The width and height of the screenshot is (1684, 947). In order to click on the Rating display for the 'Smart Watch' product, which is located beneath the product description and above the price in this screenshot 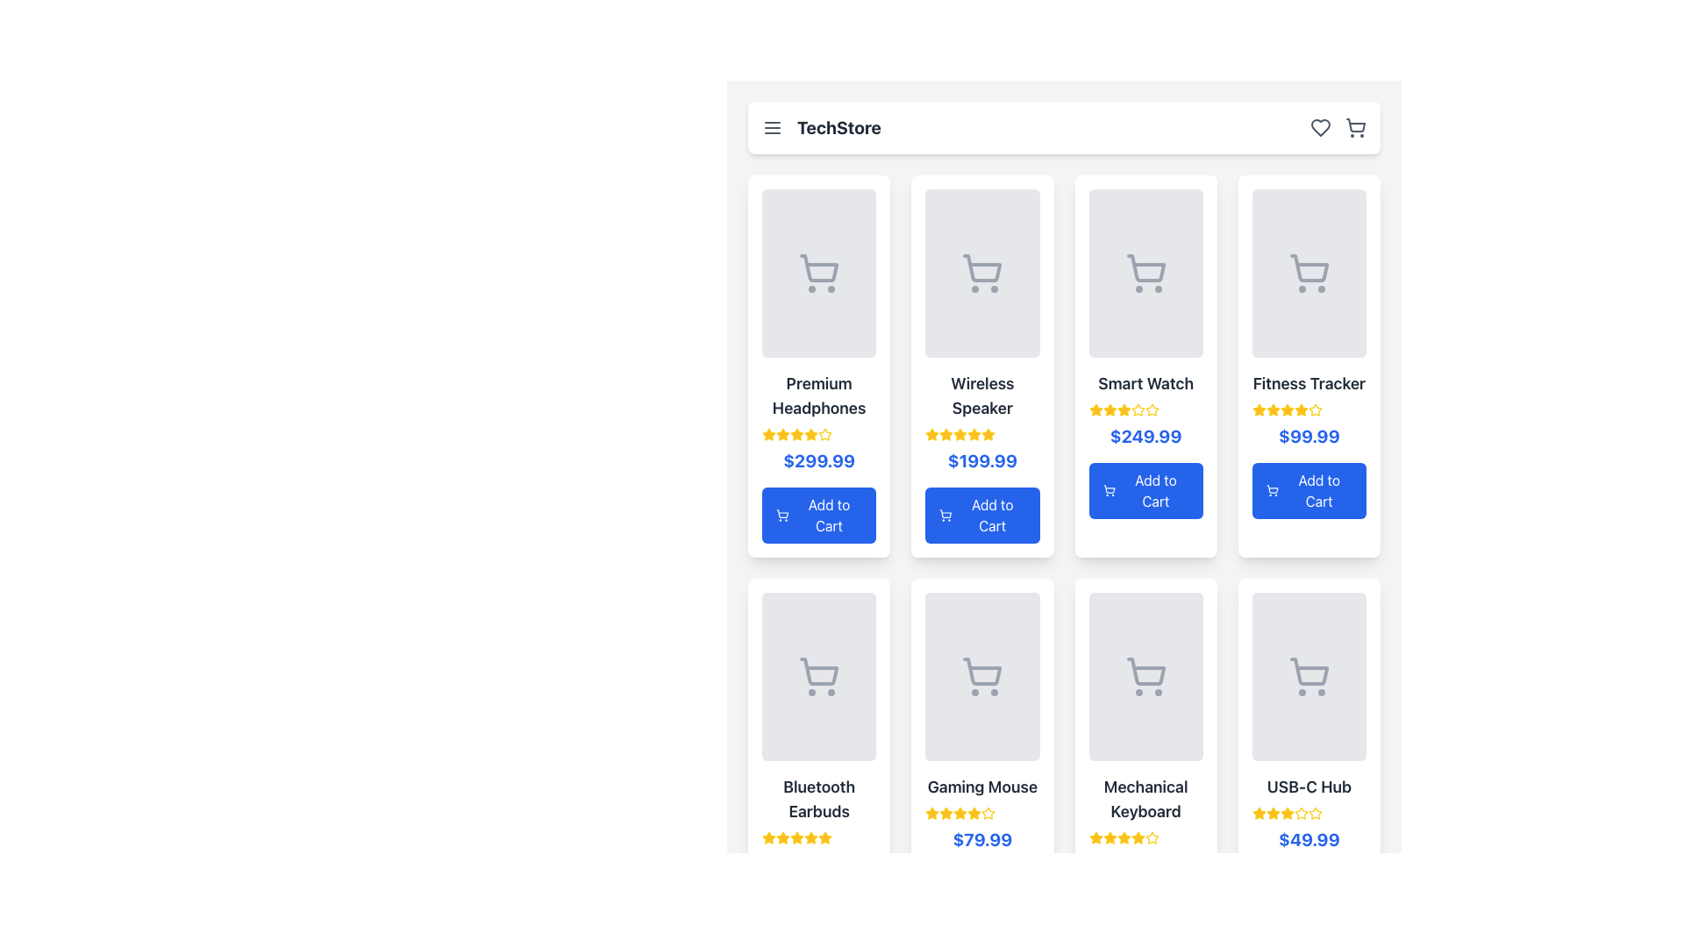, I will do `click(1145, 409)`.